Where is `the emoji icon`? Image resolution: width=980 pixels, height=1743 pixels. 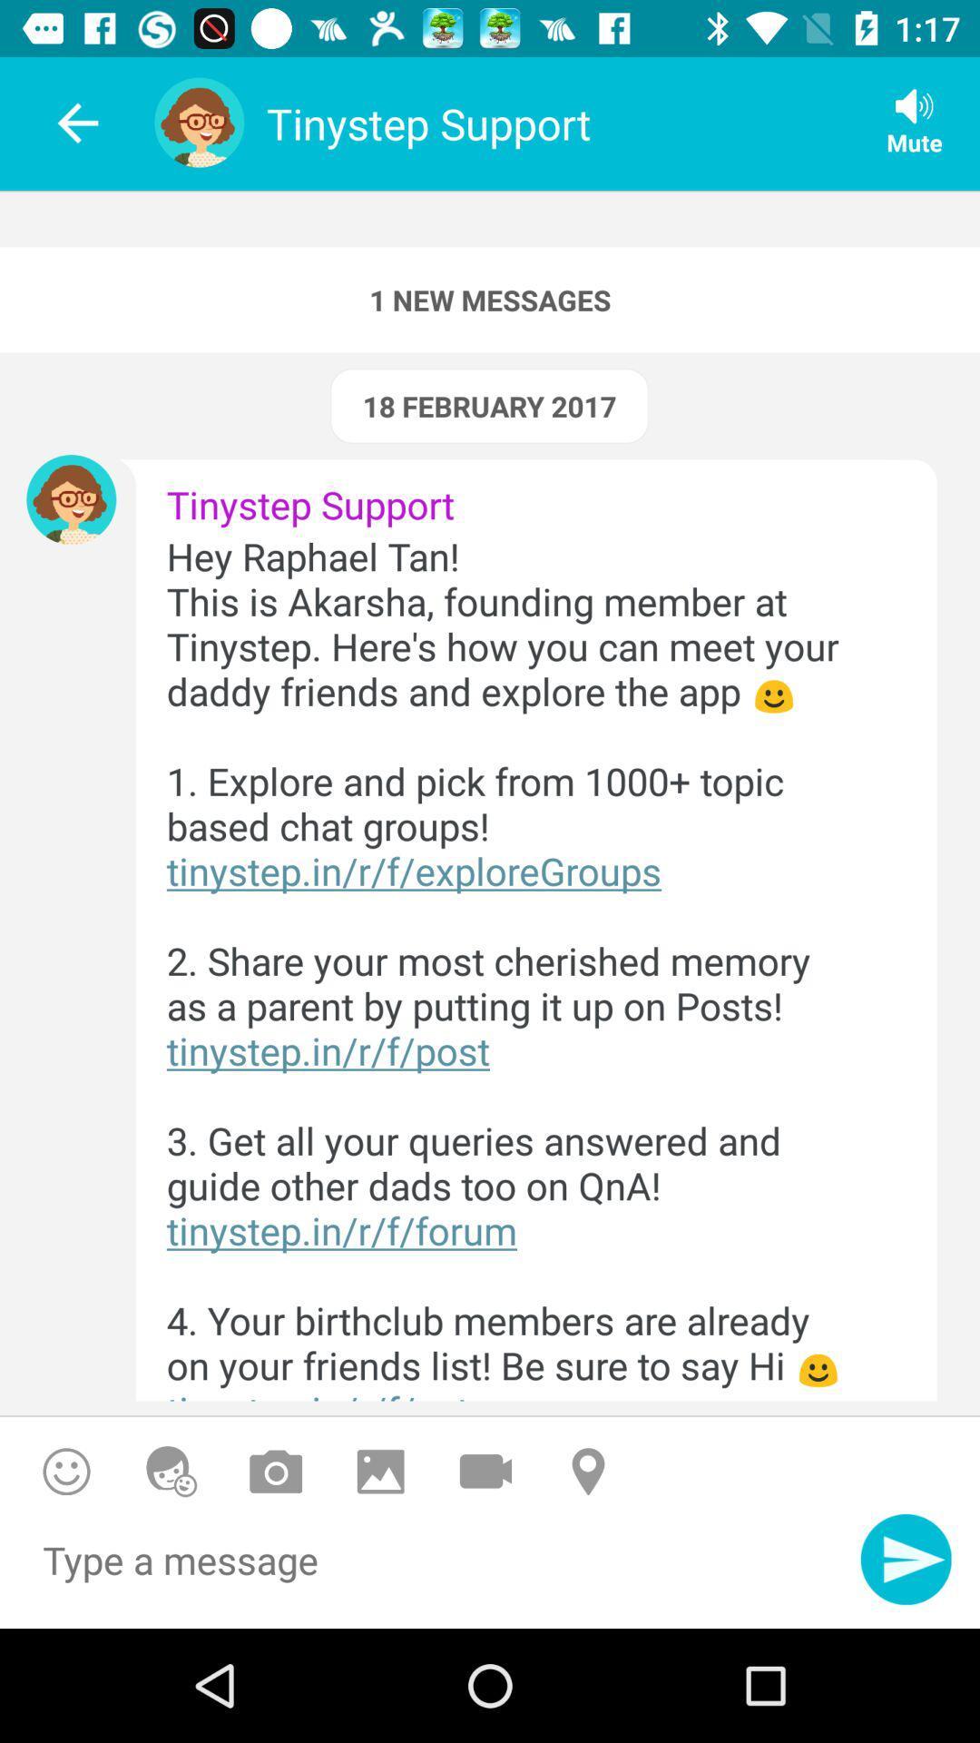 the emoji icon is located at coordinates (65, 1472).